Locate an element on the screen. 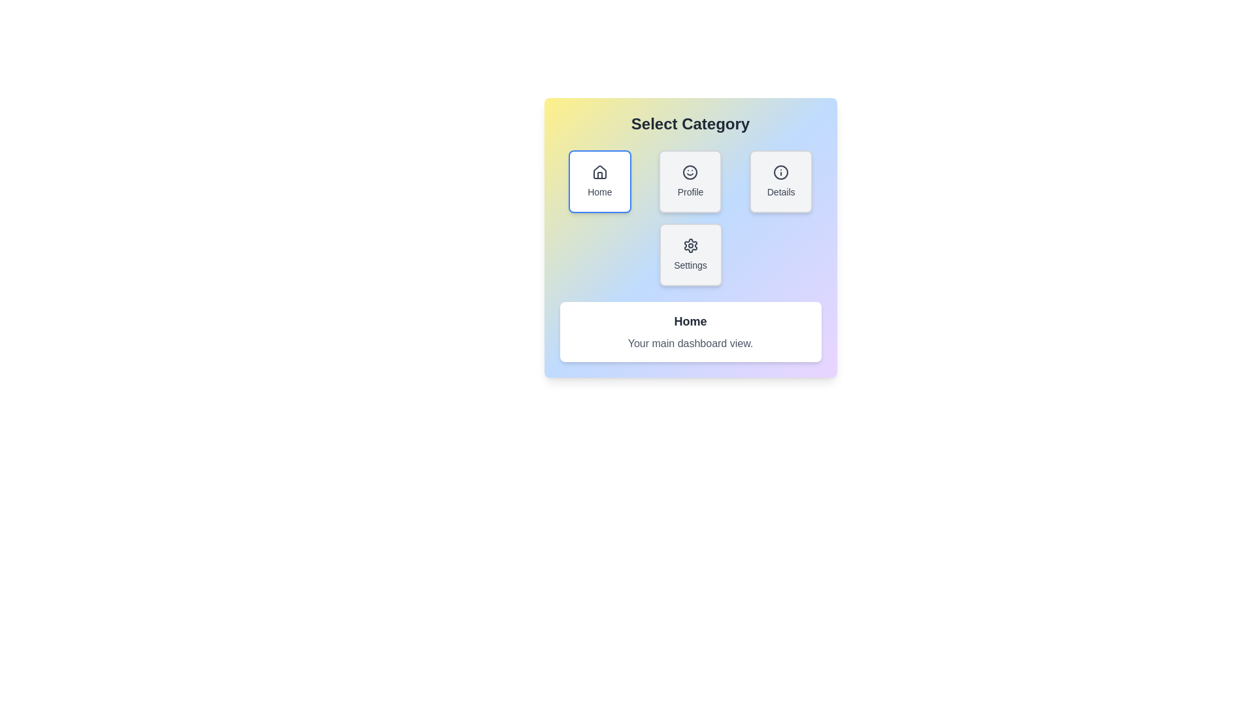 The image size is (1255, 706). the 'Profile' button located in the 'Select Category' section for keyboard navigation is located at coordinates (690, 181).